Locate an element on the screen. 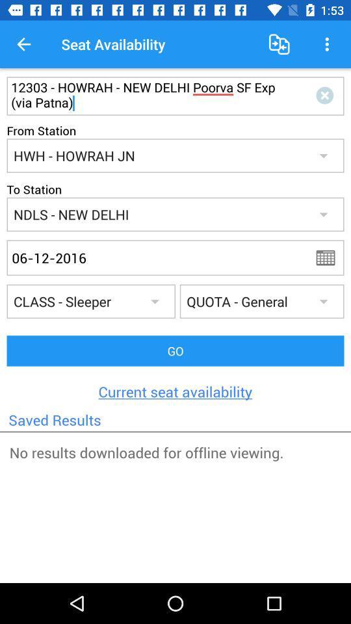 This screenshot has width=351, height=624. delete selection is located at coordinates (326, 95).